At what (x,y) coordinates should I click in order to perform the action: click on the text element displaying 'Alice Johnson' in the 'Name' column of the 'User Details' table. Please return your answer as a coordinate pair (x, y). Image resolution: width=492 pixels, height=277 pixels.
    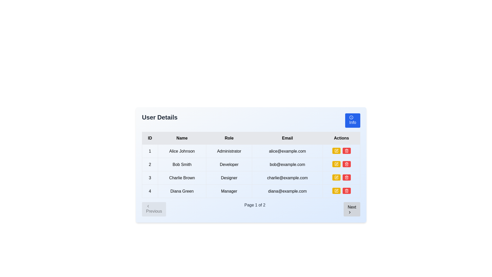
    Looking at the image, I should click on (182, 151).